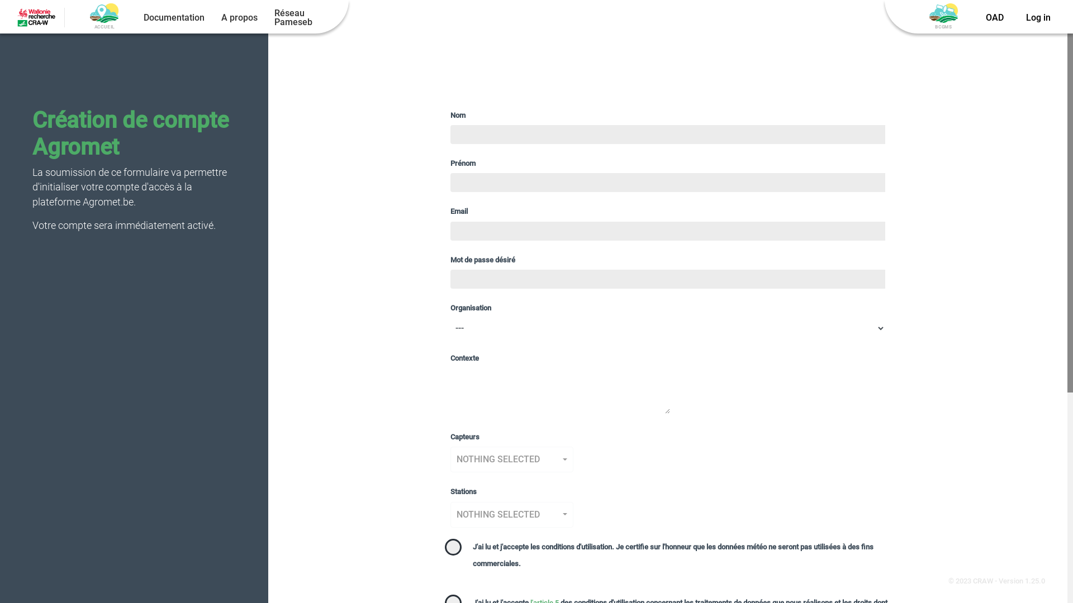  What do you see at coordinates (1037, 17) in the screenshot?
I see `'Log in'` at bounding box center [1037, 17].